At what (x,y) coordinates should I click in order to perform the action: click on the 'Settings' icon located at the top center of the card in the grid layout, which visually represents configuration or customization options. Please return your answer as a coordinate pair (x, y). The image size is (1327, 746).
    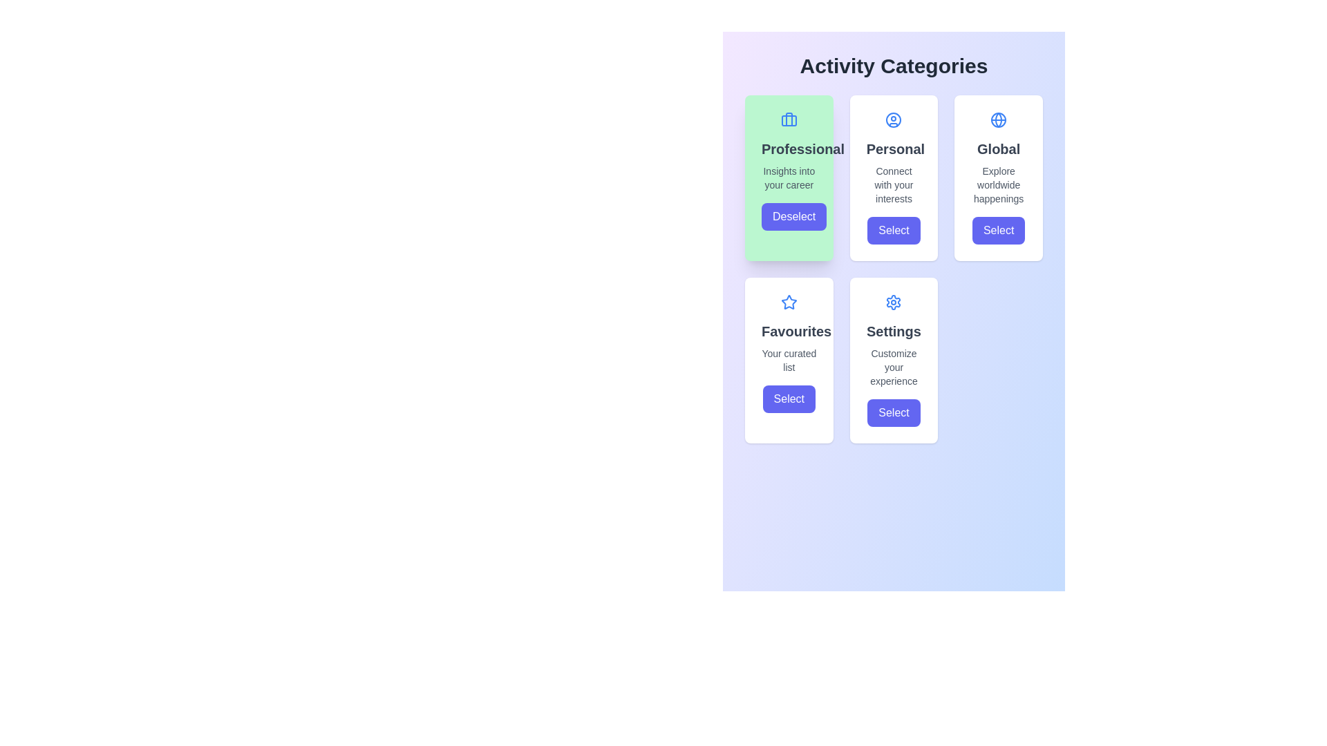
    Looking at the image, I should click on (894, 302).